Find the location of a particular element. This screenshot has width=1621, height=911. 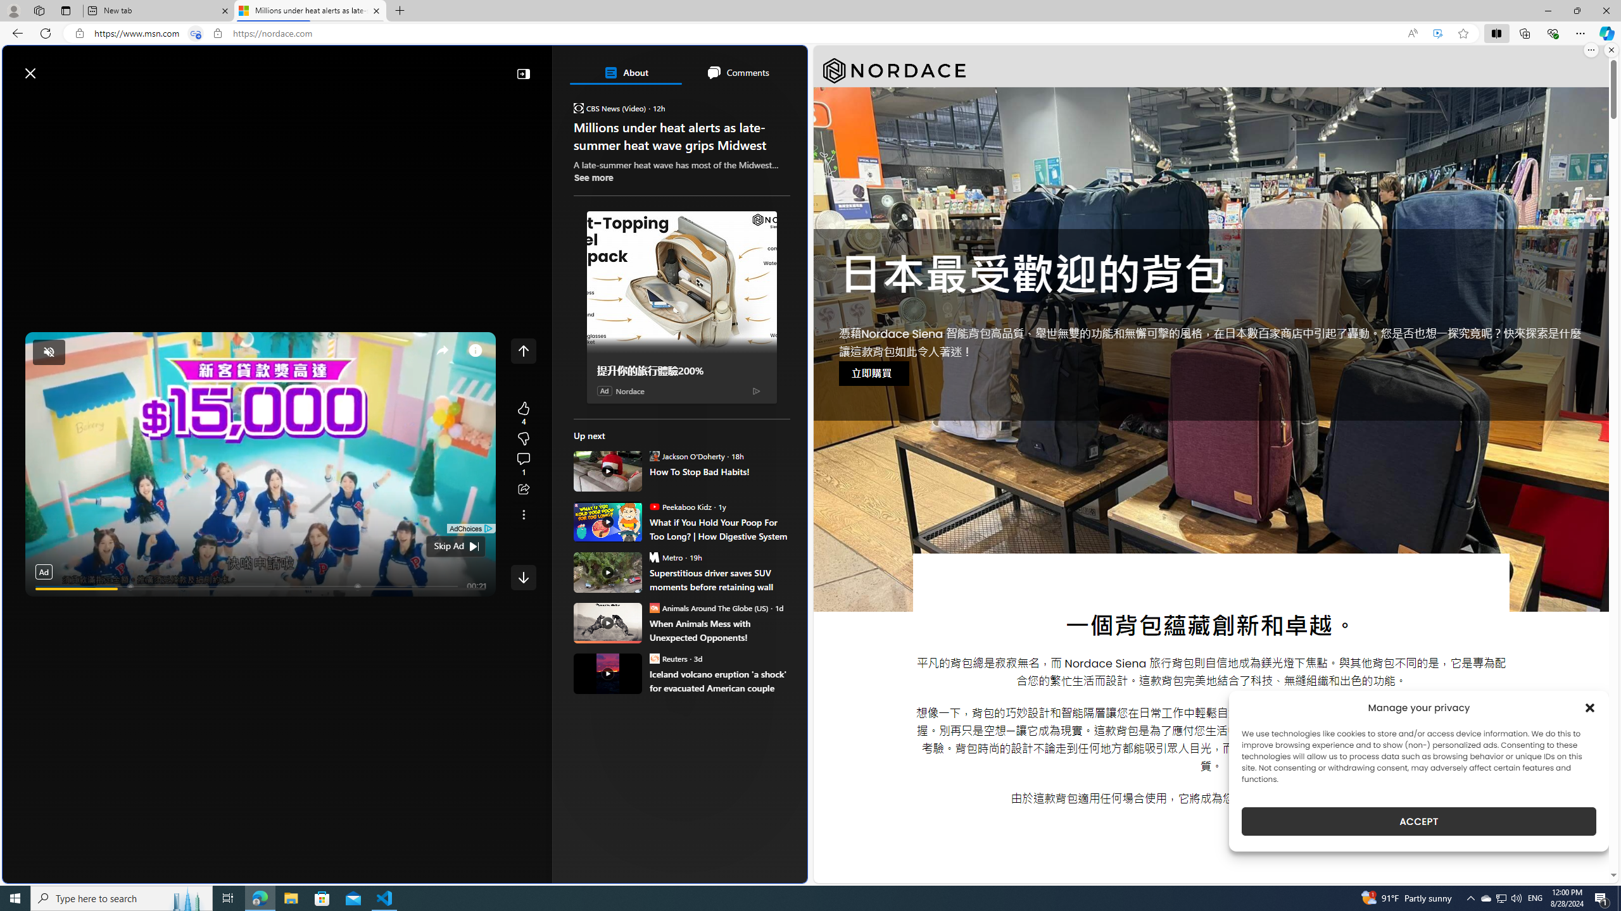

'More like this4Fewer like thisView comments' is located at coordinates (523, 438).